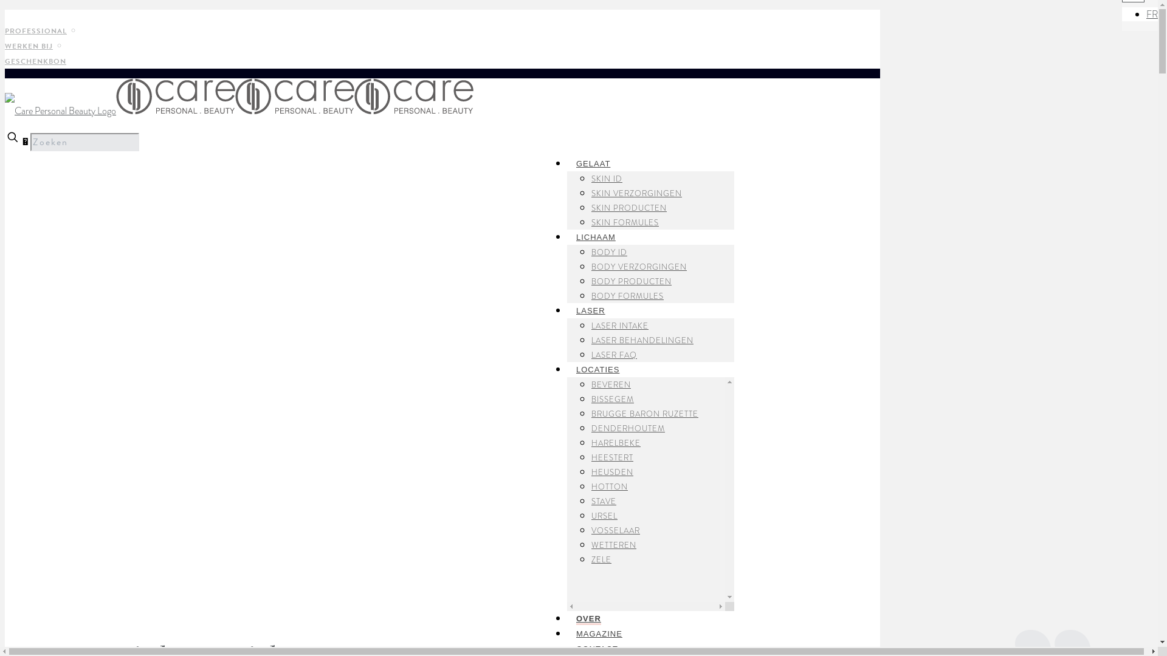 The height and width of the screenshot is (656, 1167). Describe the element at coordinates (597, 366) in the screenshot. I see `'LOCATIES'` at that location.